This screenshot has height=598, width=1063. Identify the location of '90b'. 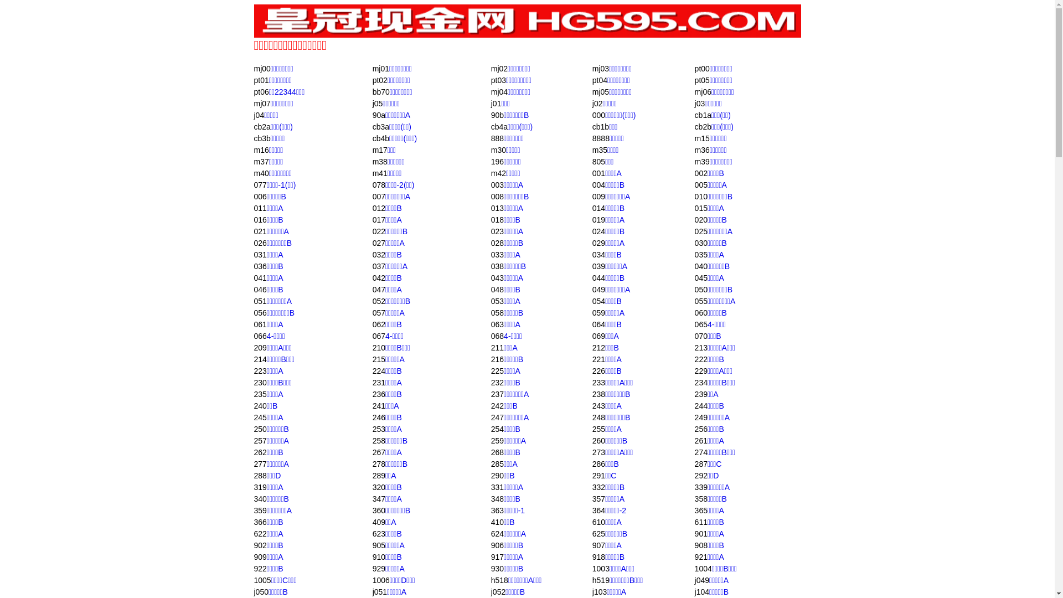
(497, 115).